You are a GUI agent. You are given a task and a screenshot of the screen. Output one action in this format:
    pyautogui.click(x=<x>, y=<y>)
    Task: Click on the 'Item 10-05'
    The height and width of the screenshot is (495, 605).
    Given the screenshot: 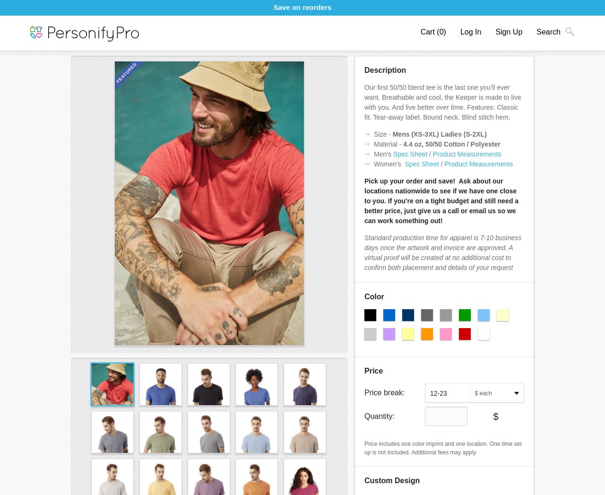 What is the action you would take?
    pyautogui.click(x=86, y=35)
    